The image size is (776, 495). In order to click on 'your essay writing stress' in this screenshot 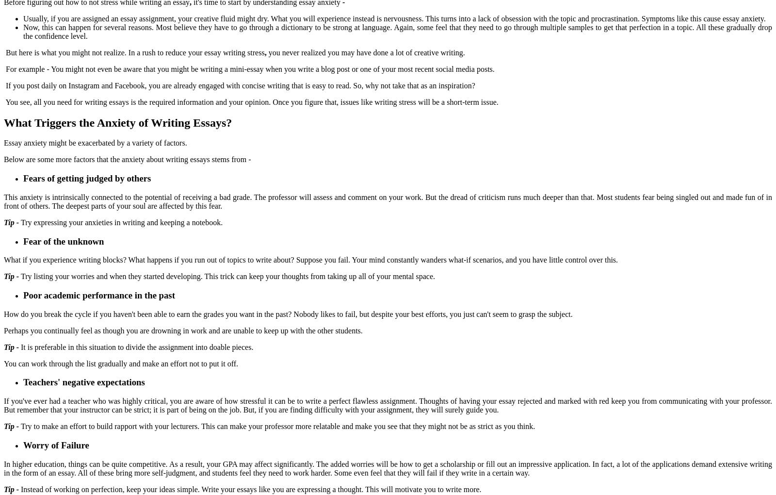, I will do `click(226, 51)`.